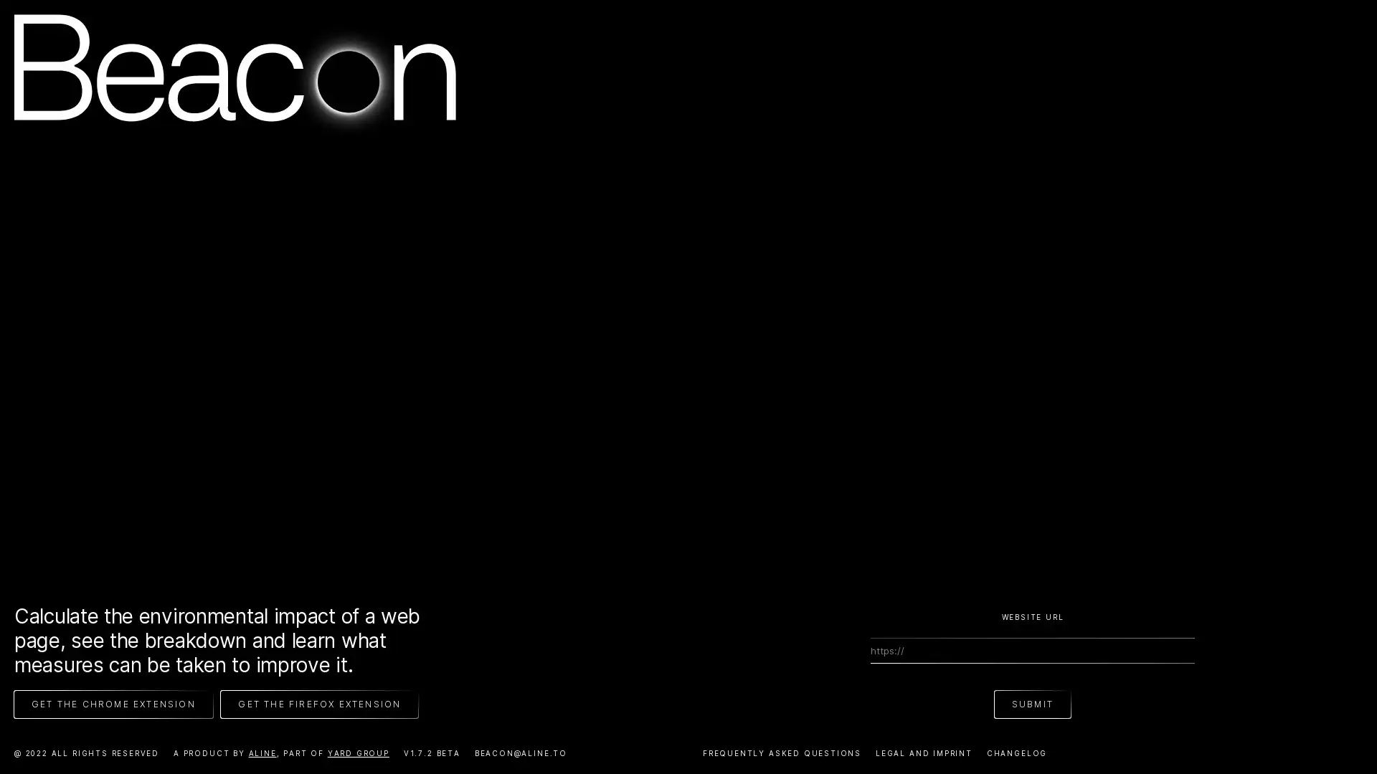 The width and height of the screenshot is (1377, 774). Describe the element at coordinates (318, 703) in the screenshot. I see `GET THE FIREFOX EXTENSION` at that location.